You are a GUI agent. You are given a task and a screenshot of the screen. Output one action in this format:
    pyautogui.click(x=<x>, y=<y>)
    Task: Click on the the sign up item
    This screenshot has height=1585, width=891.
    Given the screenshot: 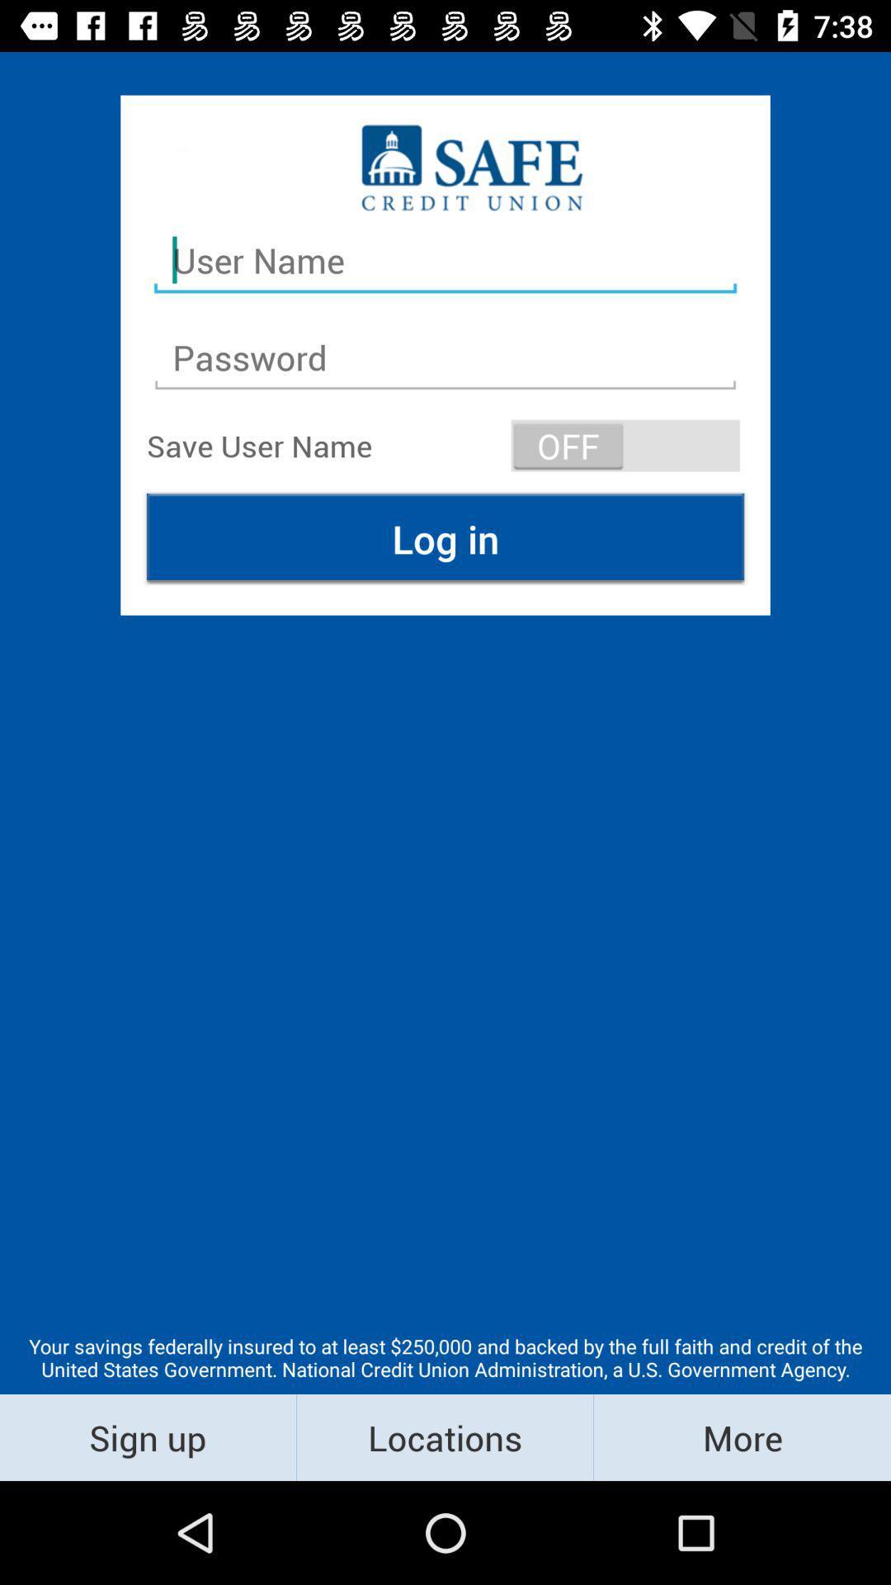 What is the action you would take?
    pyautogui.click(x=147, y=1436)
    